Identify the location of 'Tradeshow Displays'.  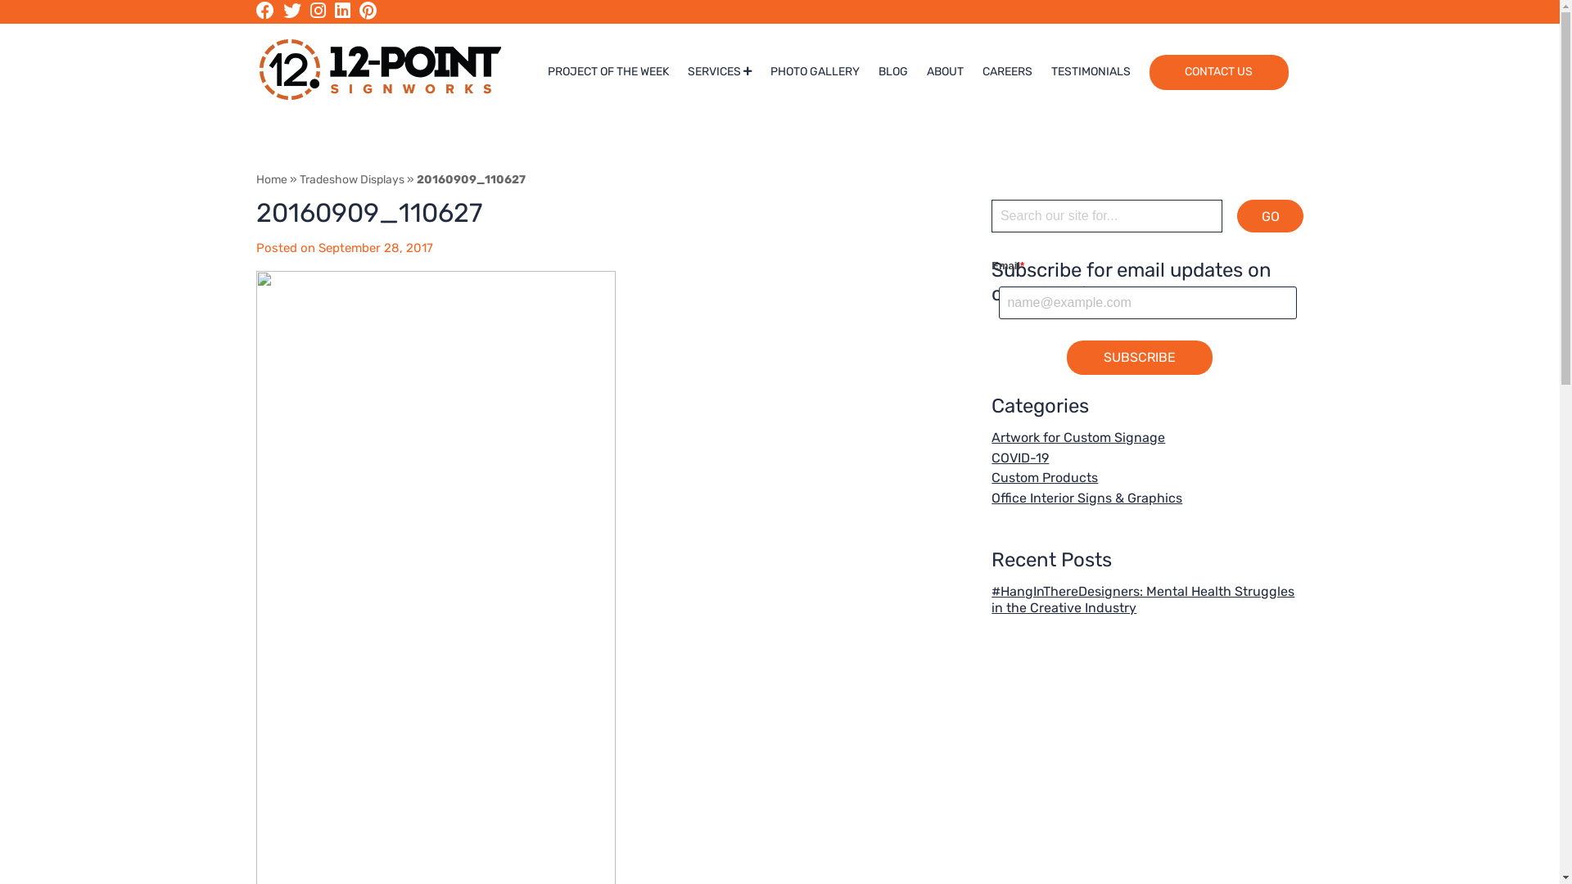
(351, 179).